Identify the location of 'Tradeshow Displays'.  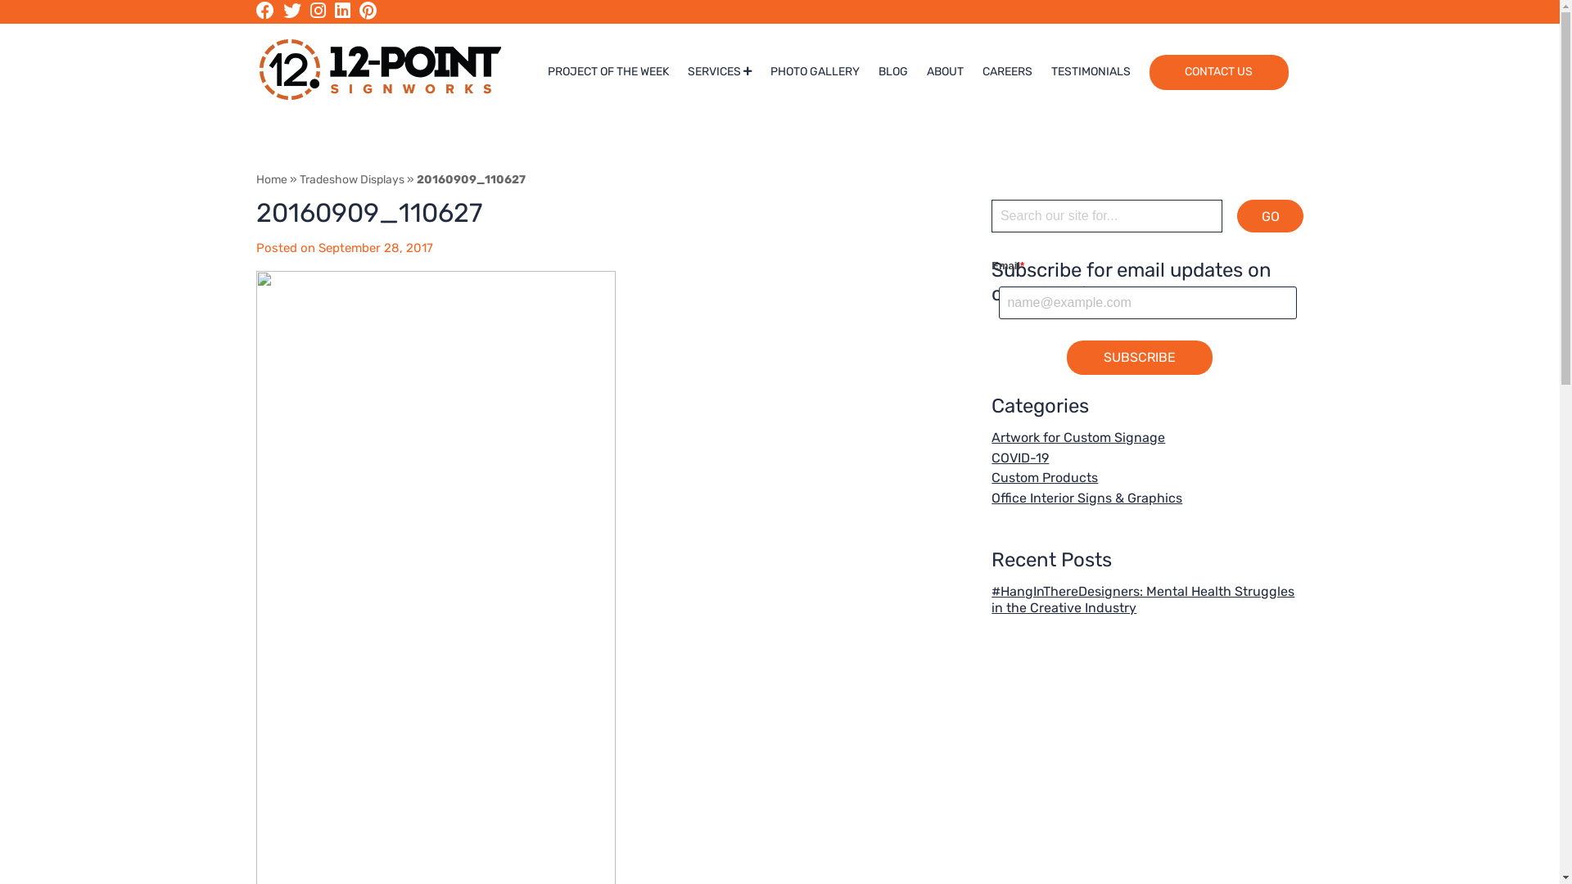
(351, 179).